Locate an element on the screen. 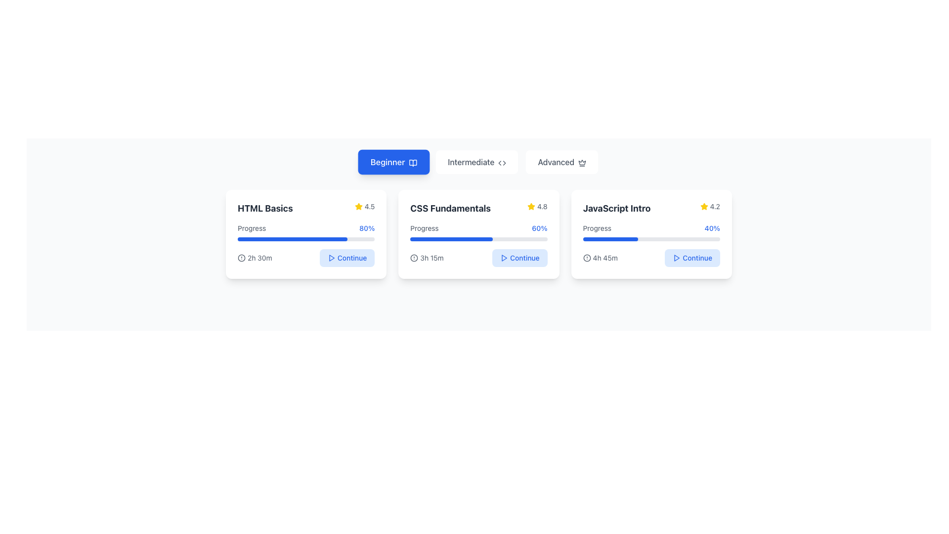 The width and height of the screenshot is (949, 534). the 'Intermediate' button which has a white background and gray text, positioned between the 'Beginner' and 'Advanced' buttons, to emphasize or trigger a tooltip is located at coordinates (477, 161).